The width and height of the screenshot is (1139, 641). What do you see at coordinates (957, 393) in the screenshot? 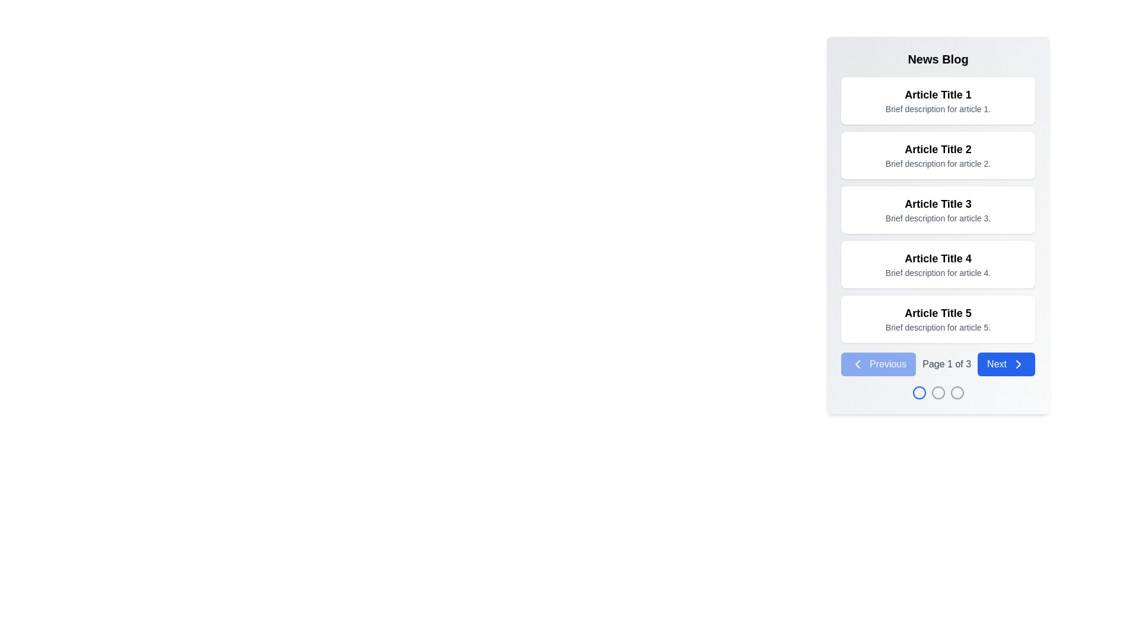
I see `the third pagination indicator located at the bottom of the page` at bounding box center [957, 393].